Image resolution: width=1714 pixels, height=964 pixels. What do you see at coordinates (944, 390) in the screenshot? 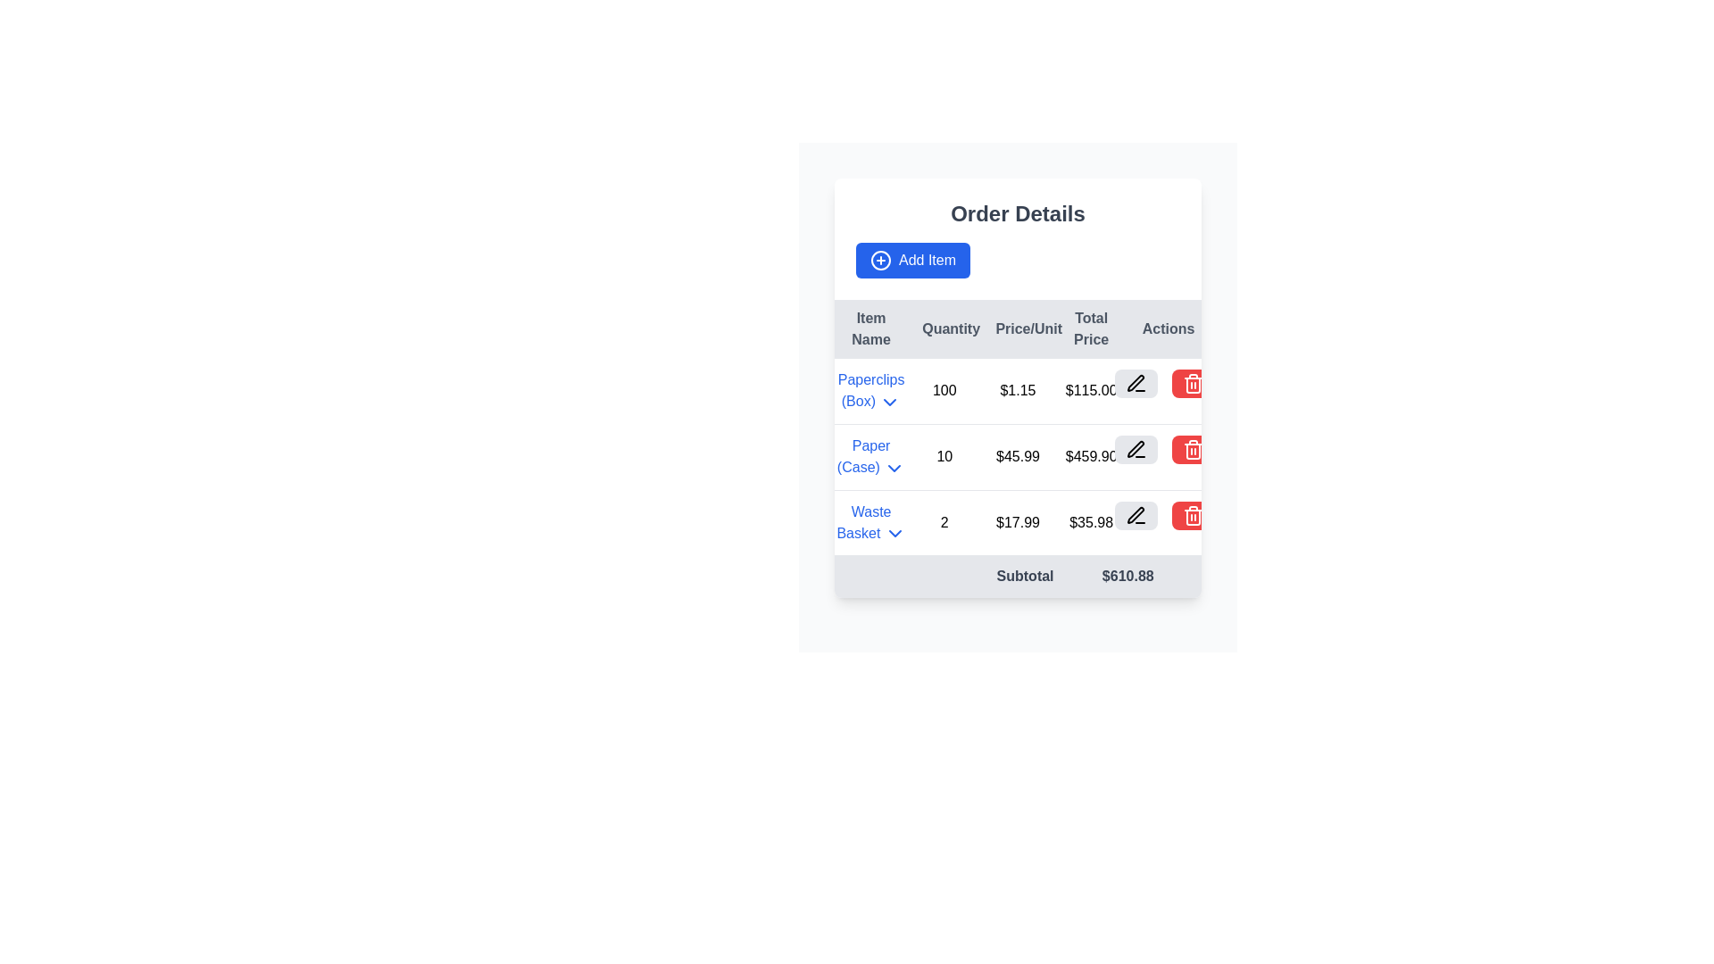
I see `the static text display showing the number '100' in the 'Order Details' section, located between 'Paperclips (Box)' and '$1.15'` at bounding box center [944, 390].